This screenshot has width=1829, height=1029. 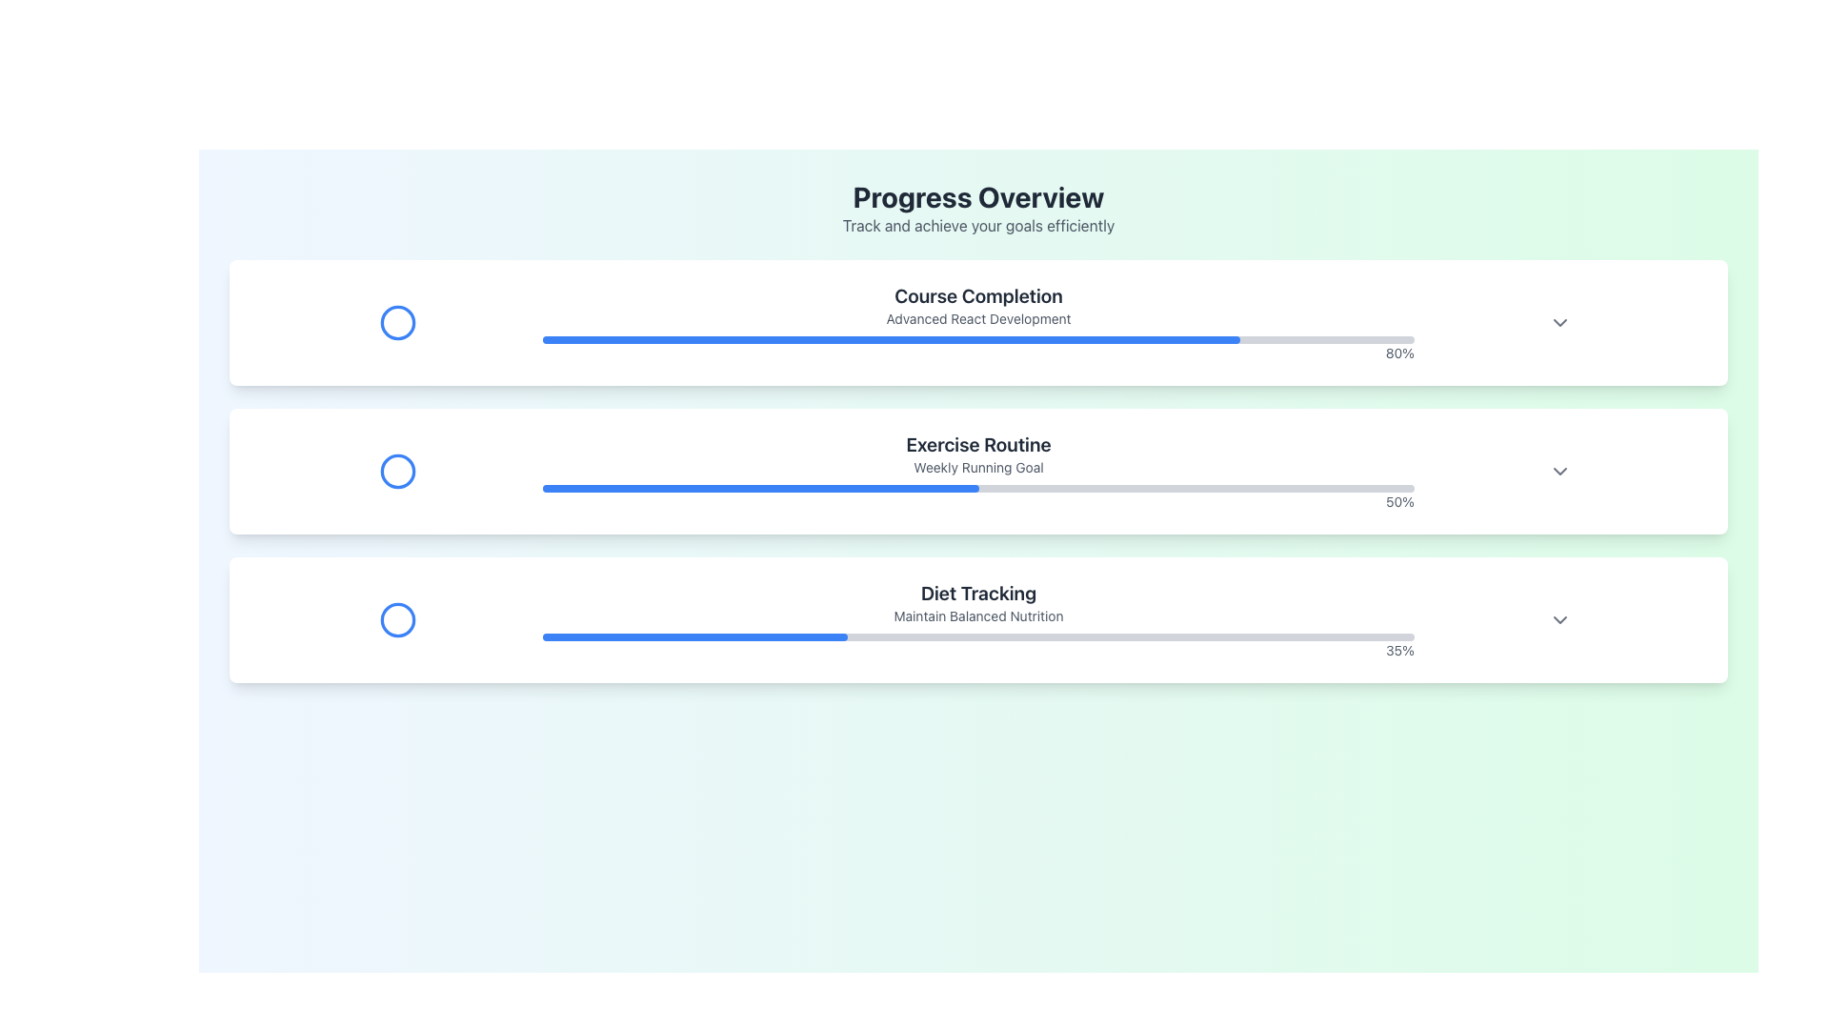 I want to click on the Progress Indicator displaying 'Course Completion' and 'Advanced React Development', which shows an 80% filled progress bar, so click(x=978, y=322).